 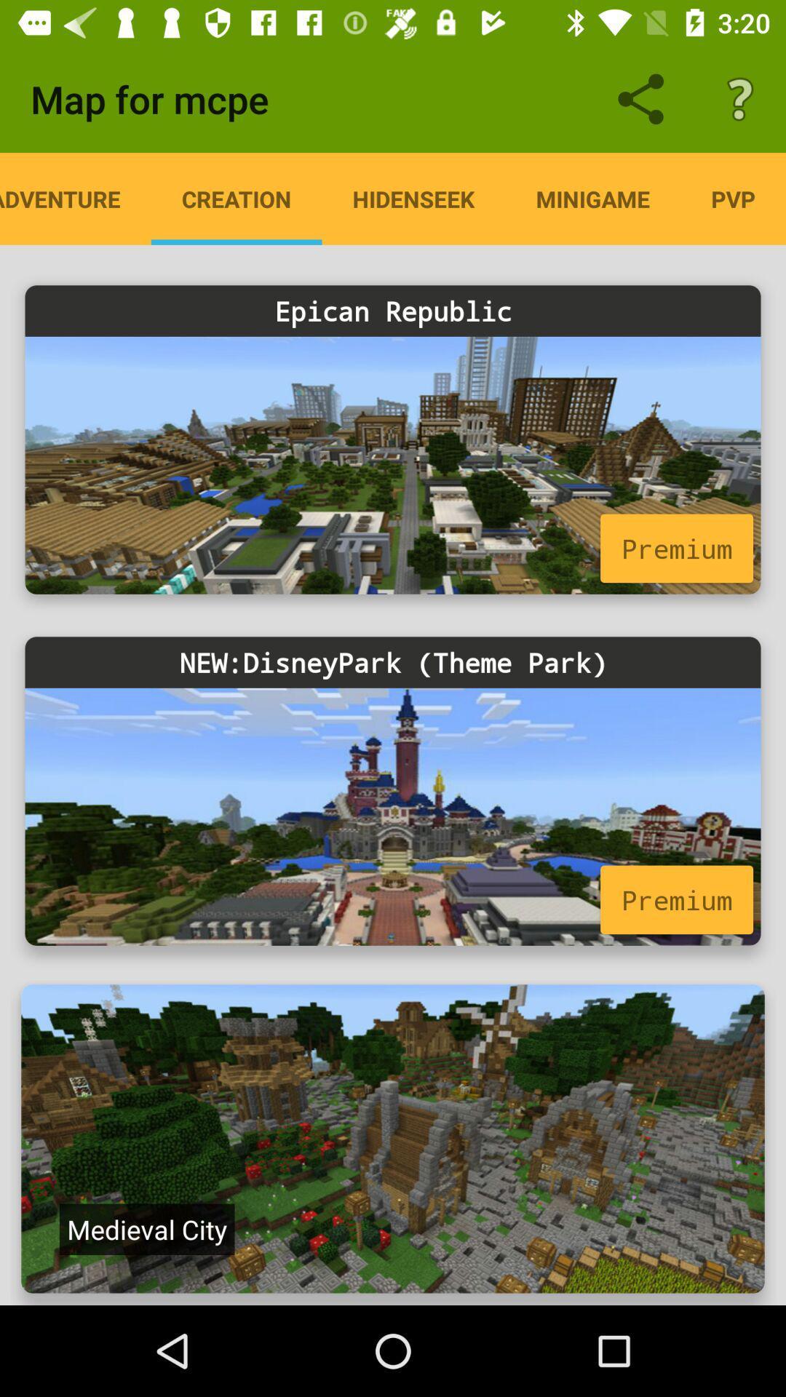 I want to click on the text hidenseek in the yellow background, so click(x=414, y=198).